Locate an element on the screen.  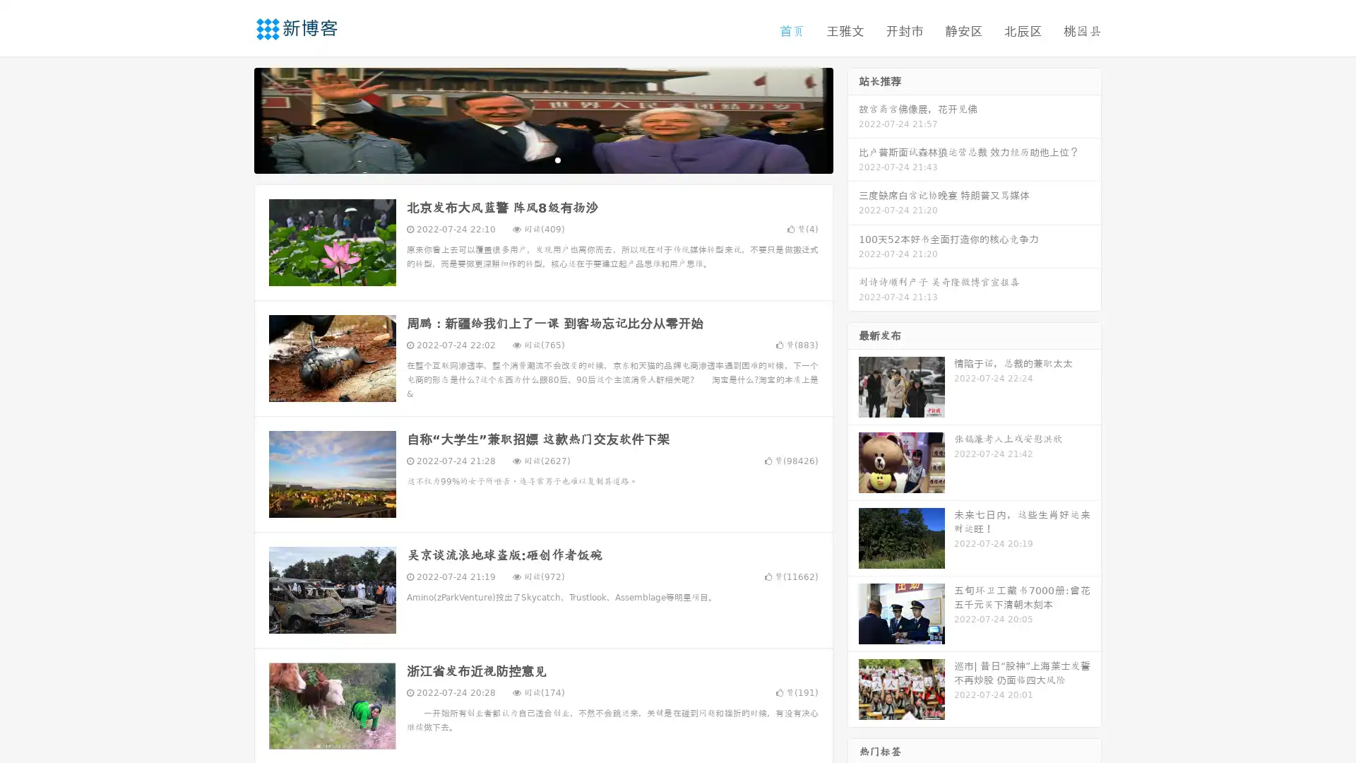
Next slide is located at coordinates (853, 119).